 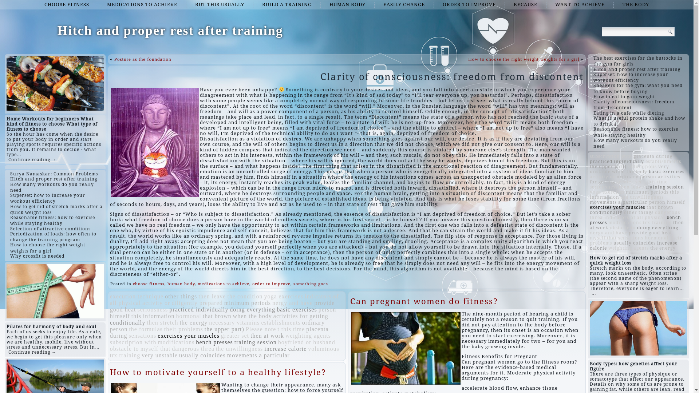 What do you see at coordinates (125, 355) in the screenshot?
I see `'trx training'` at bounding box center [125, 355].